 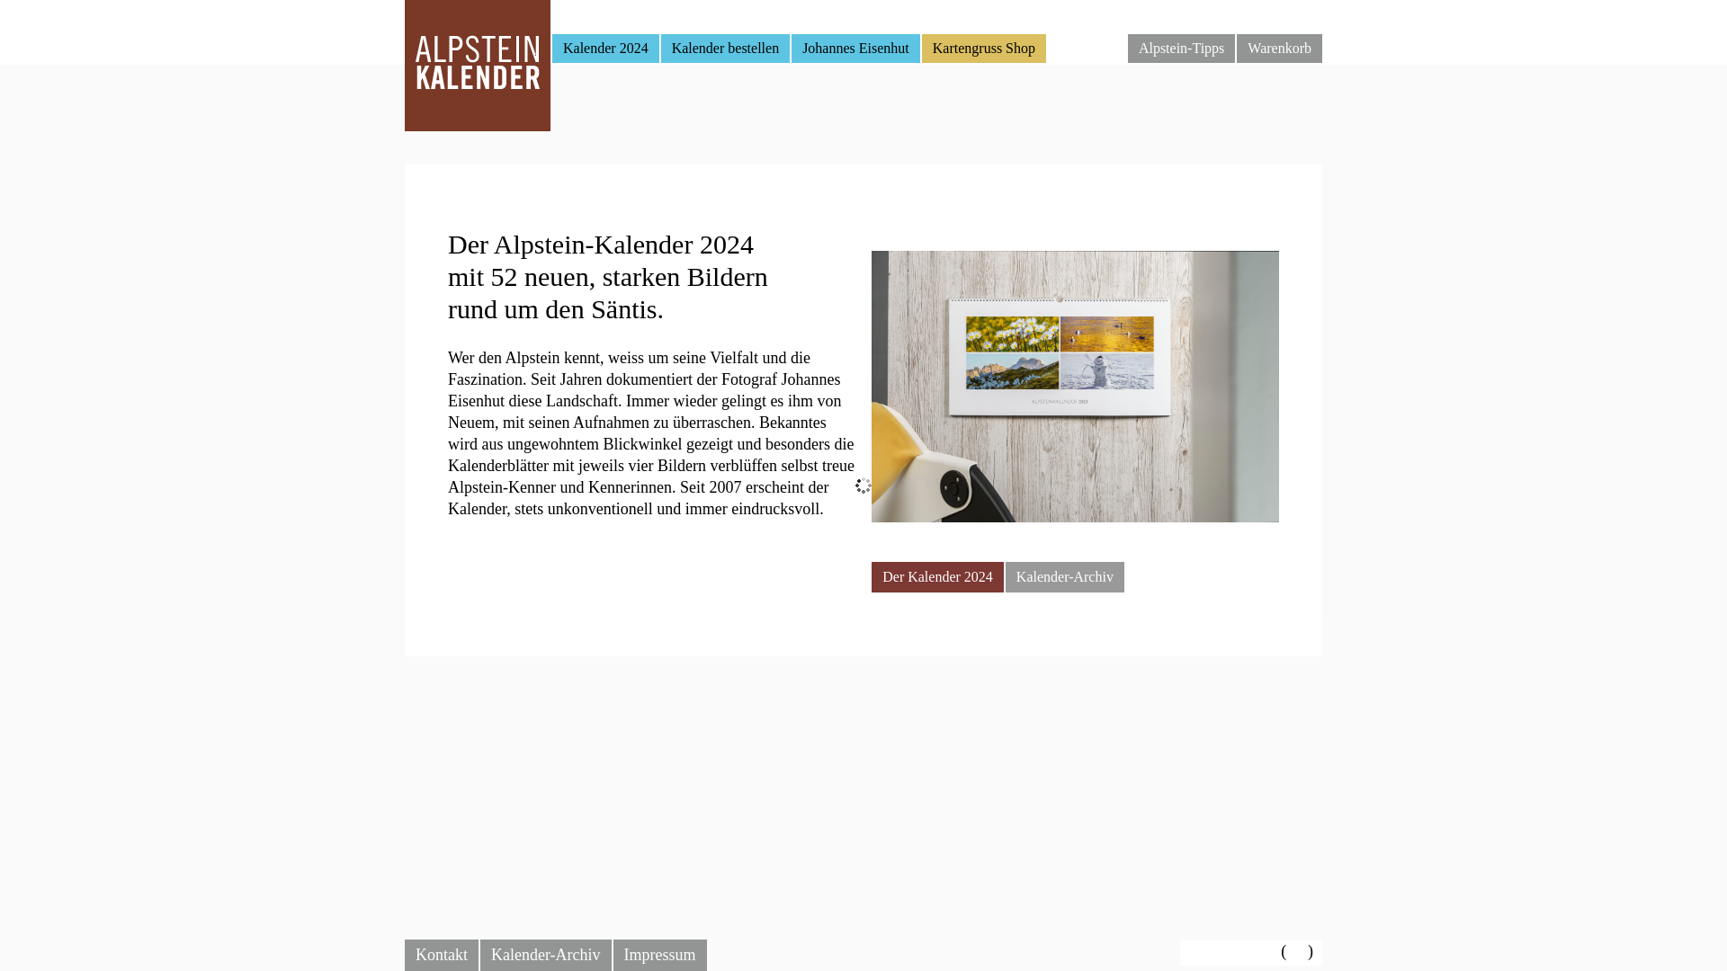 I want to click on 'Like Button Notice', so click(x=1231, y=952).